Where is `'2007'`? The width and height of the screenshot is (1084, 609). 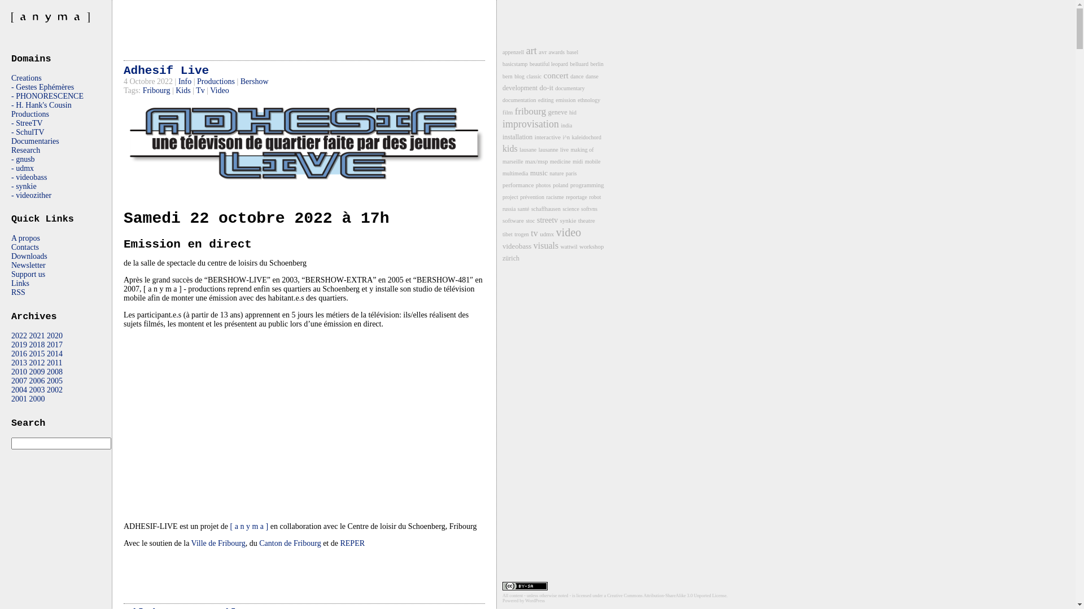
'2007' is located at coordinates (11, 381).